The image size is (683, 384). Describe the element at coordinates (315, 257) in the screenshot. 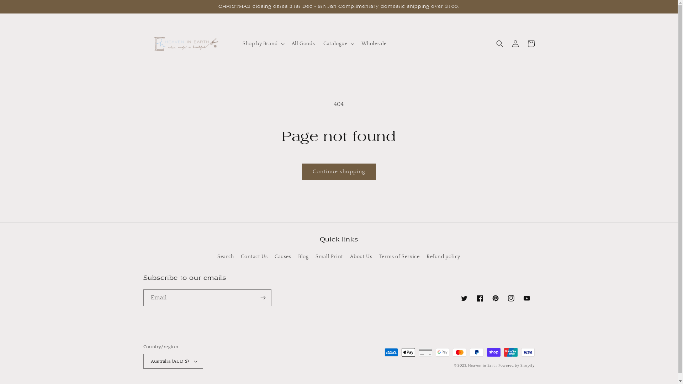

I see `'Small Print'` at that location.